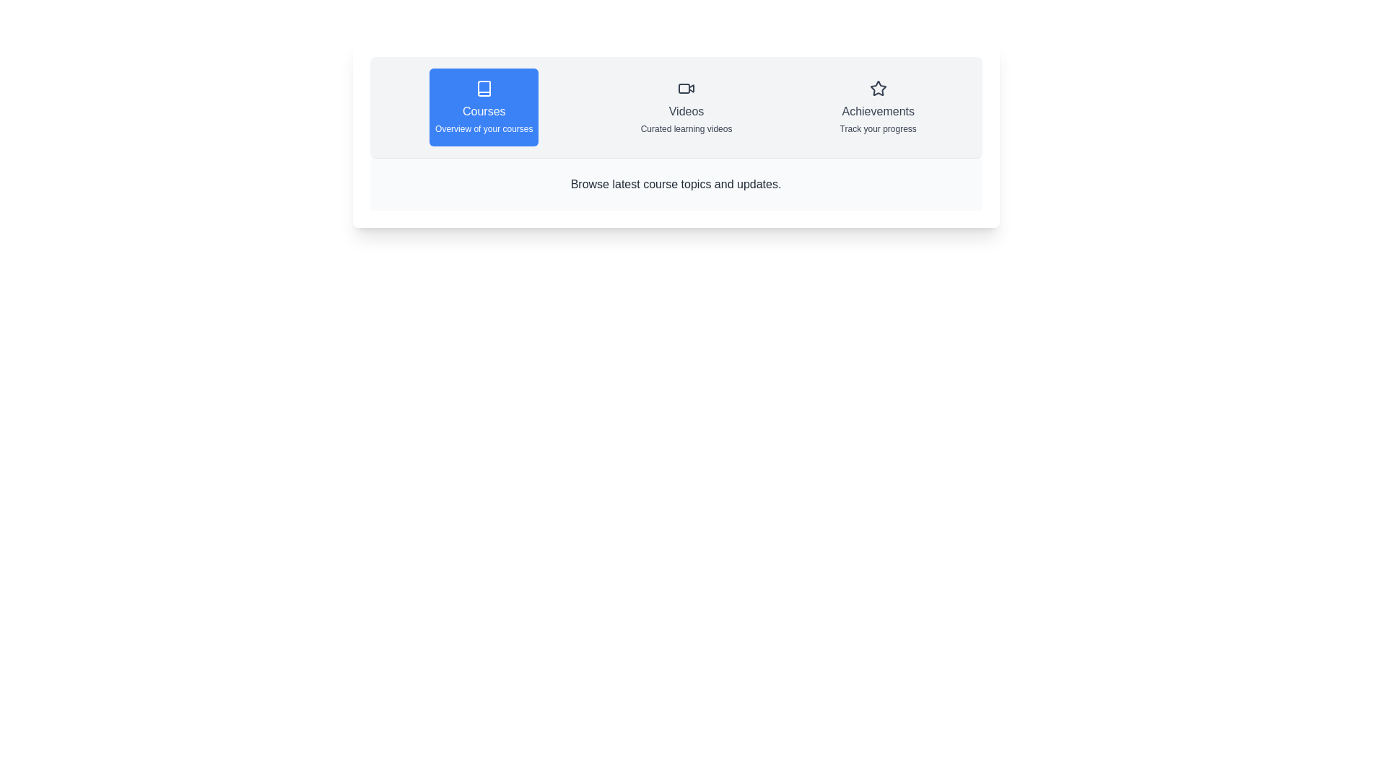 The image size is (1386, 779). What do you see at coordinates (685, 107) in the screenshot?
I see `the Videos tab by clicking on its corresponding element` at bounding box center [685, 107].